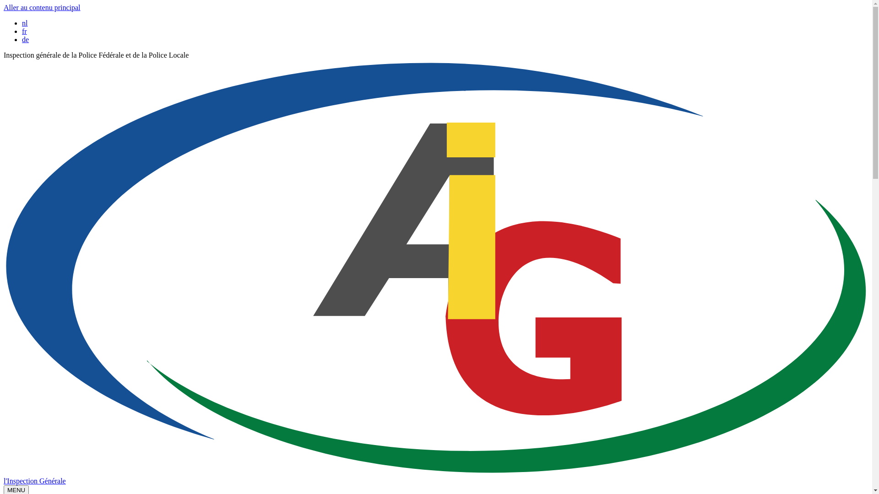  Describe the element at coordinates (25, 39) in the screenshot. I see `'de'` at that location.